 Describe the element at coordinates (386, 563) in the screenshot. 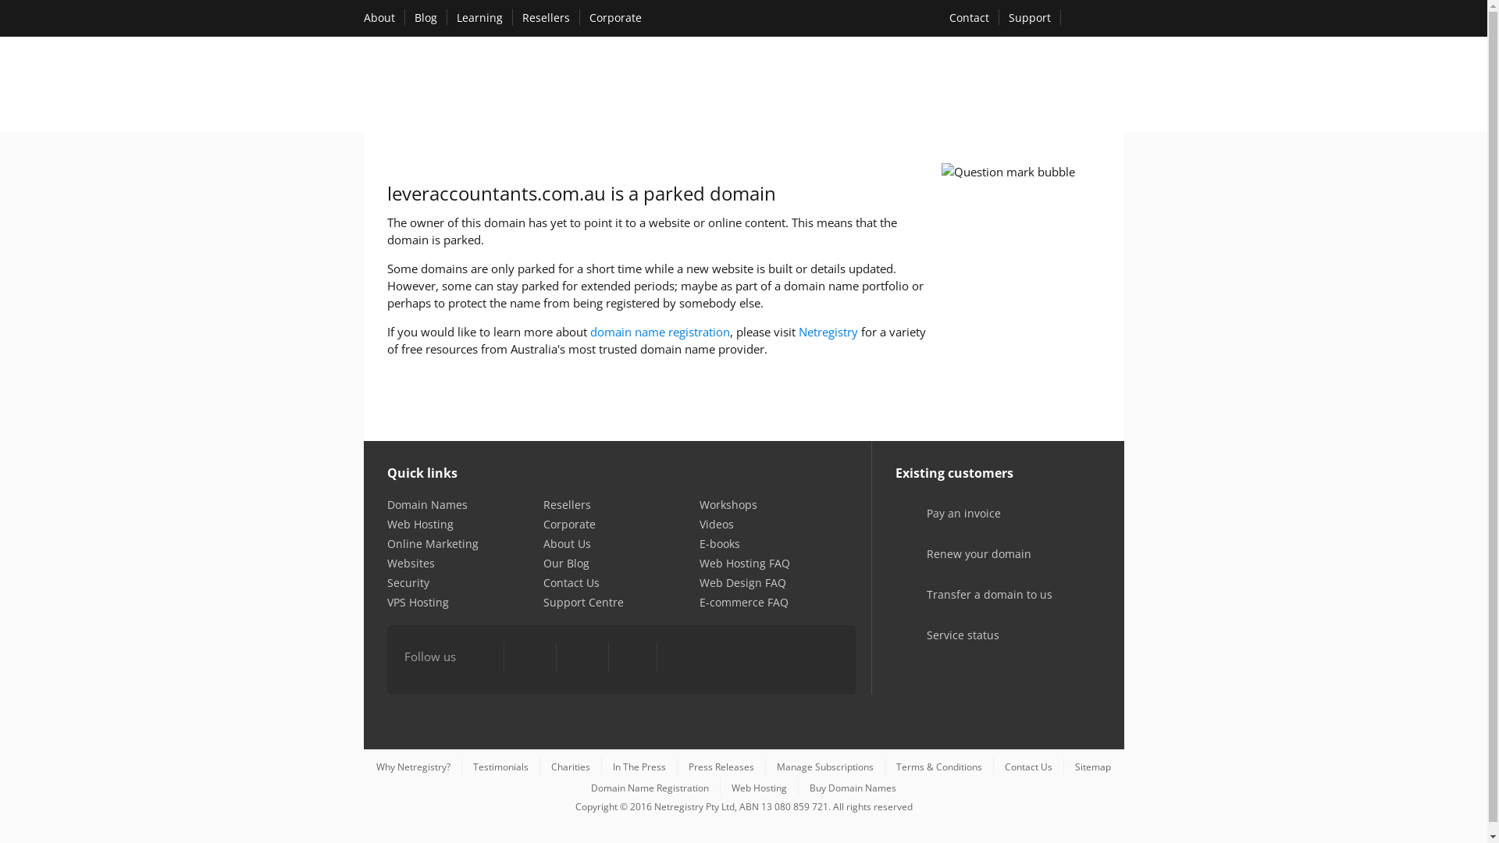

I see `'Websites'` at that location.